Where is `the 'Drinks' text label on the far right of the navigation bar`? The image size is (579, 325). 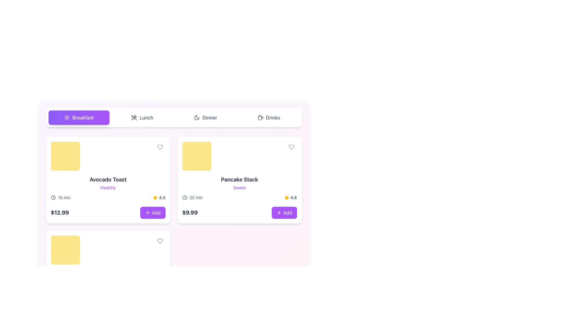 the 'Drinks' text label on the far right of the navigation bar is located at coordinates (273, 117).